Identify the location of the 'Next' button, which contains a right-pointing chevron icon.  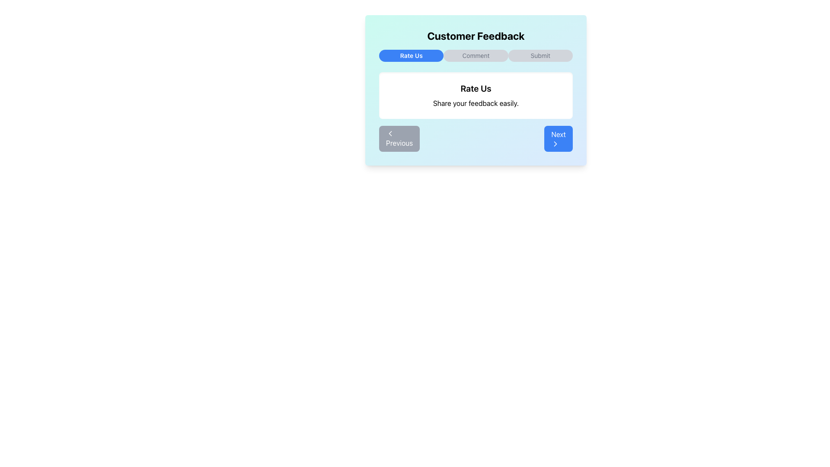
(555, 143).